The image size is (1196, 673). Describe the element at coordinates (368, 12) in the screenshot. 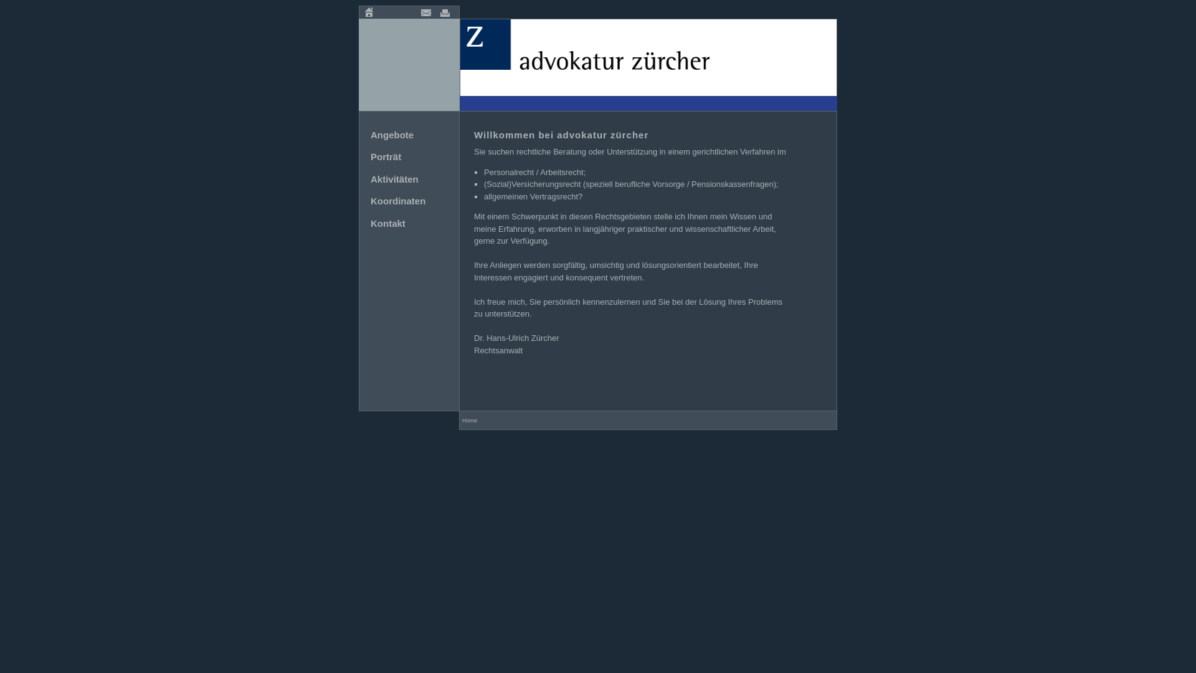

I see `'Home'` at that location.